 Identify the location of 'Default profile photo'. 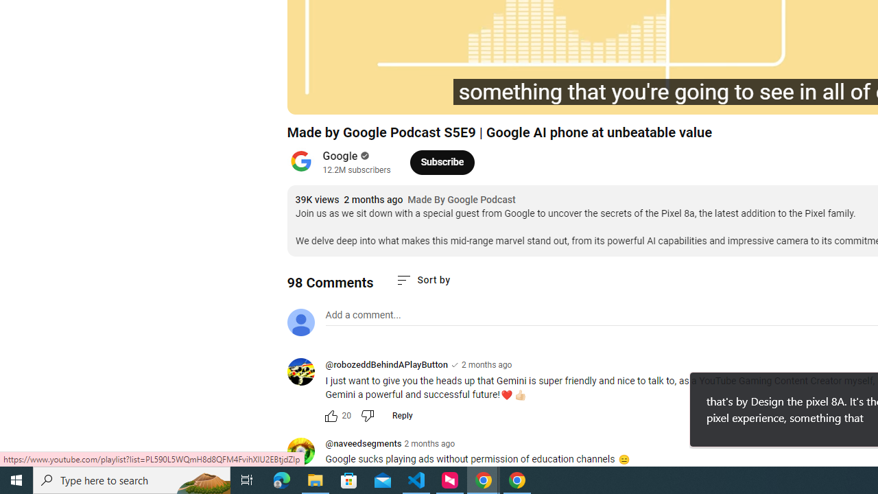
(300, 322).